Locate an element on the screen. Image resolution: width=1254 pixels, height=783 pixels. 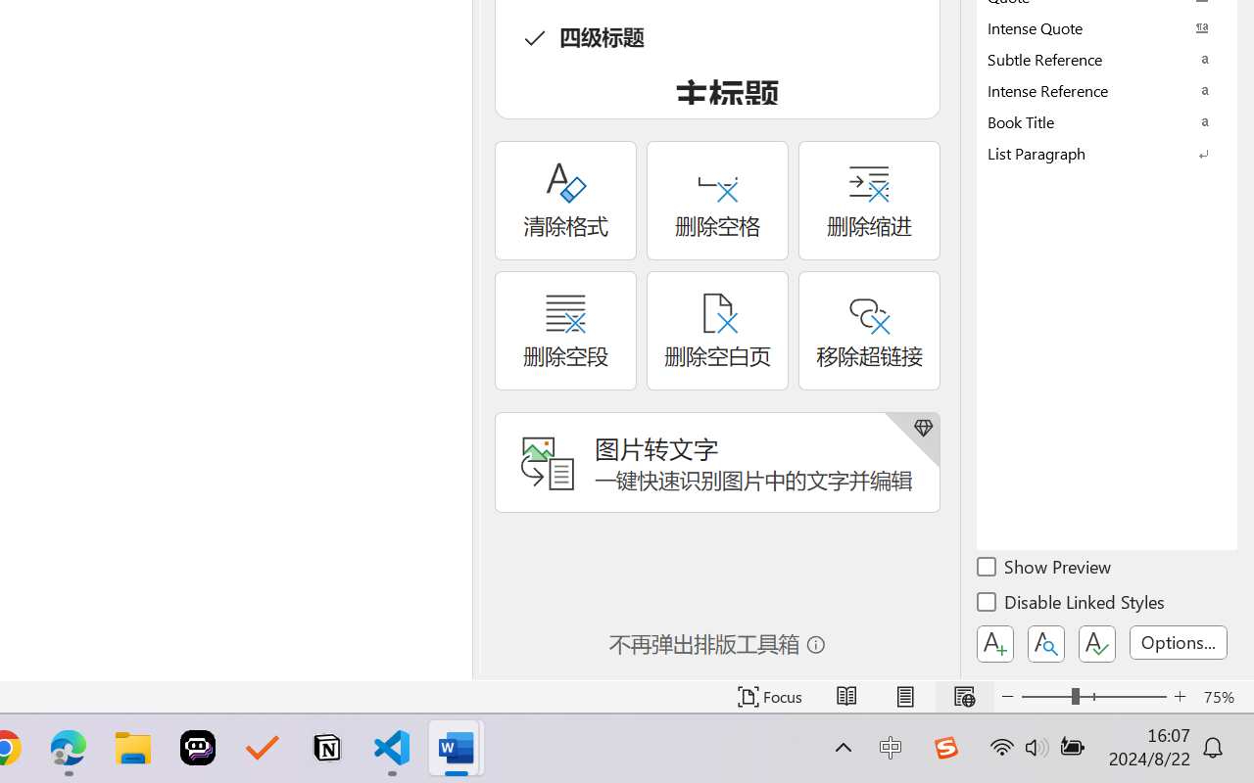
'Disable Linked Styles' is located at coordinates (1072, 605).